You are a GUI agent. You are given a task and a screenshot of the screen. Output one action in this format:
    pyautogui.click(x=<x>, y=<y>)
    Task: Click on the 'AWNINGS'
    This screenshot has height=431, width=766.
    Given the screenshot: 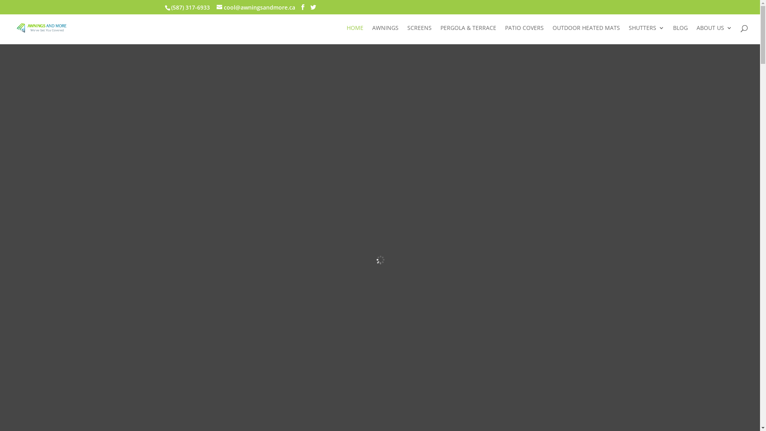 What is the action you would take?
    pyautogui.click(x=385, y=34)
    